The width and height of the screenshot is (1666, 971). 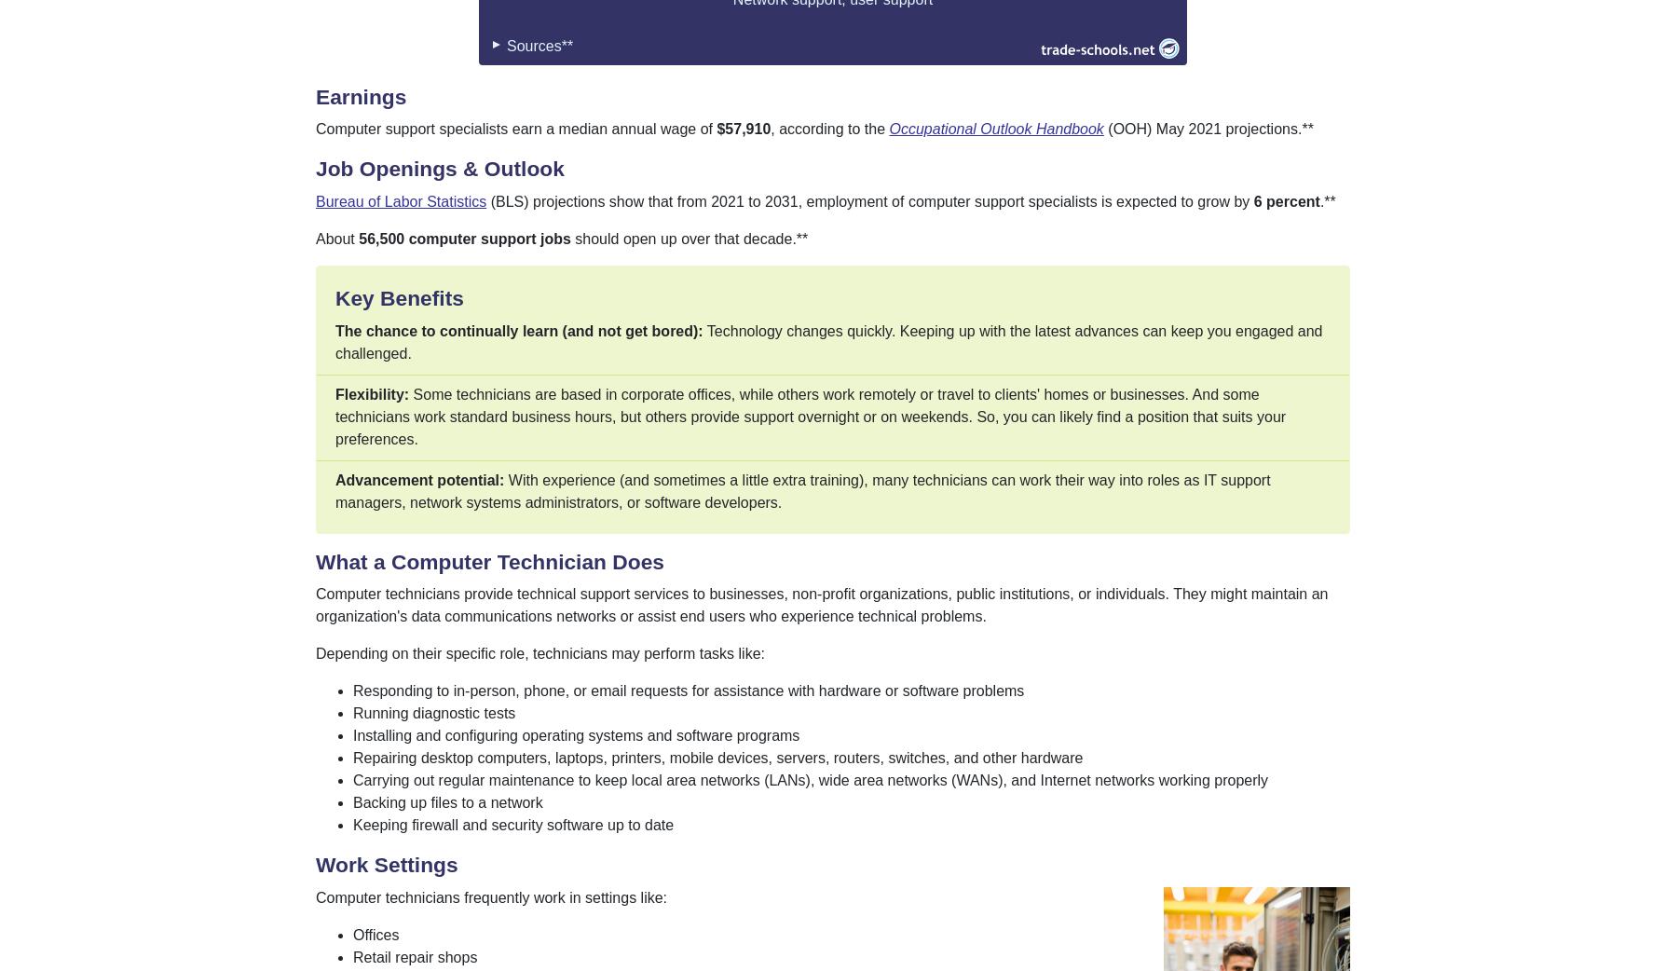 What do you see at coordinates (810, 780) in the screenshot?
I see `'Carrying out regular maintenance to keep local area networks (LANs), wide area networks (WANs), and Internet networks working properly'` at bounding box center [810, 780].